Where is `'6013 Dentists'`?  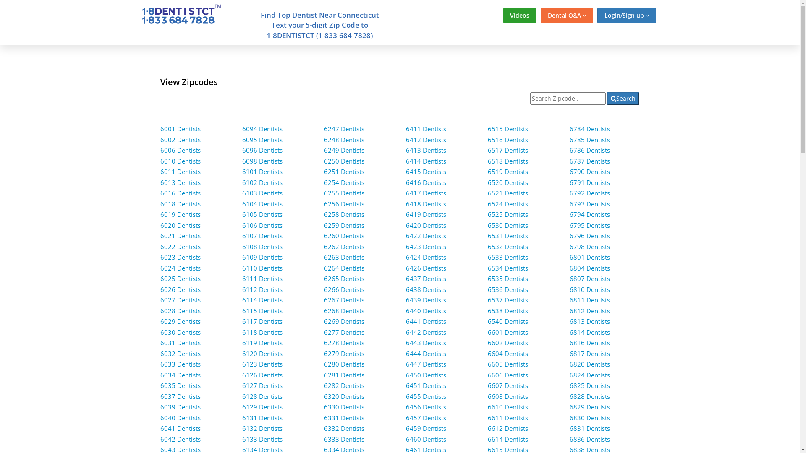
'6013 Dentists' is located at coordinates (160, 182).